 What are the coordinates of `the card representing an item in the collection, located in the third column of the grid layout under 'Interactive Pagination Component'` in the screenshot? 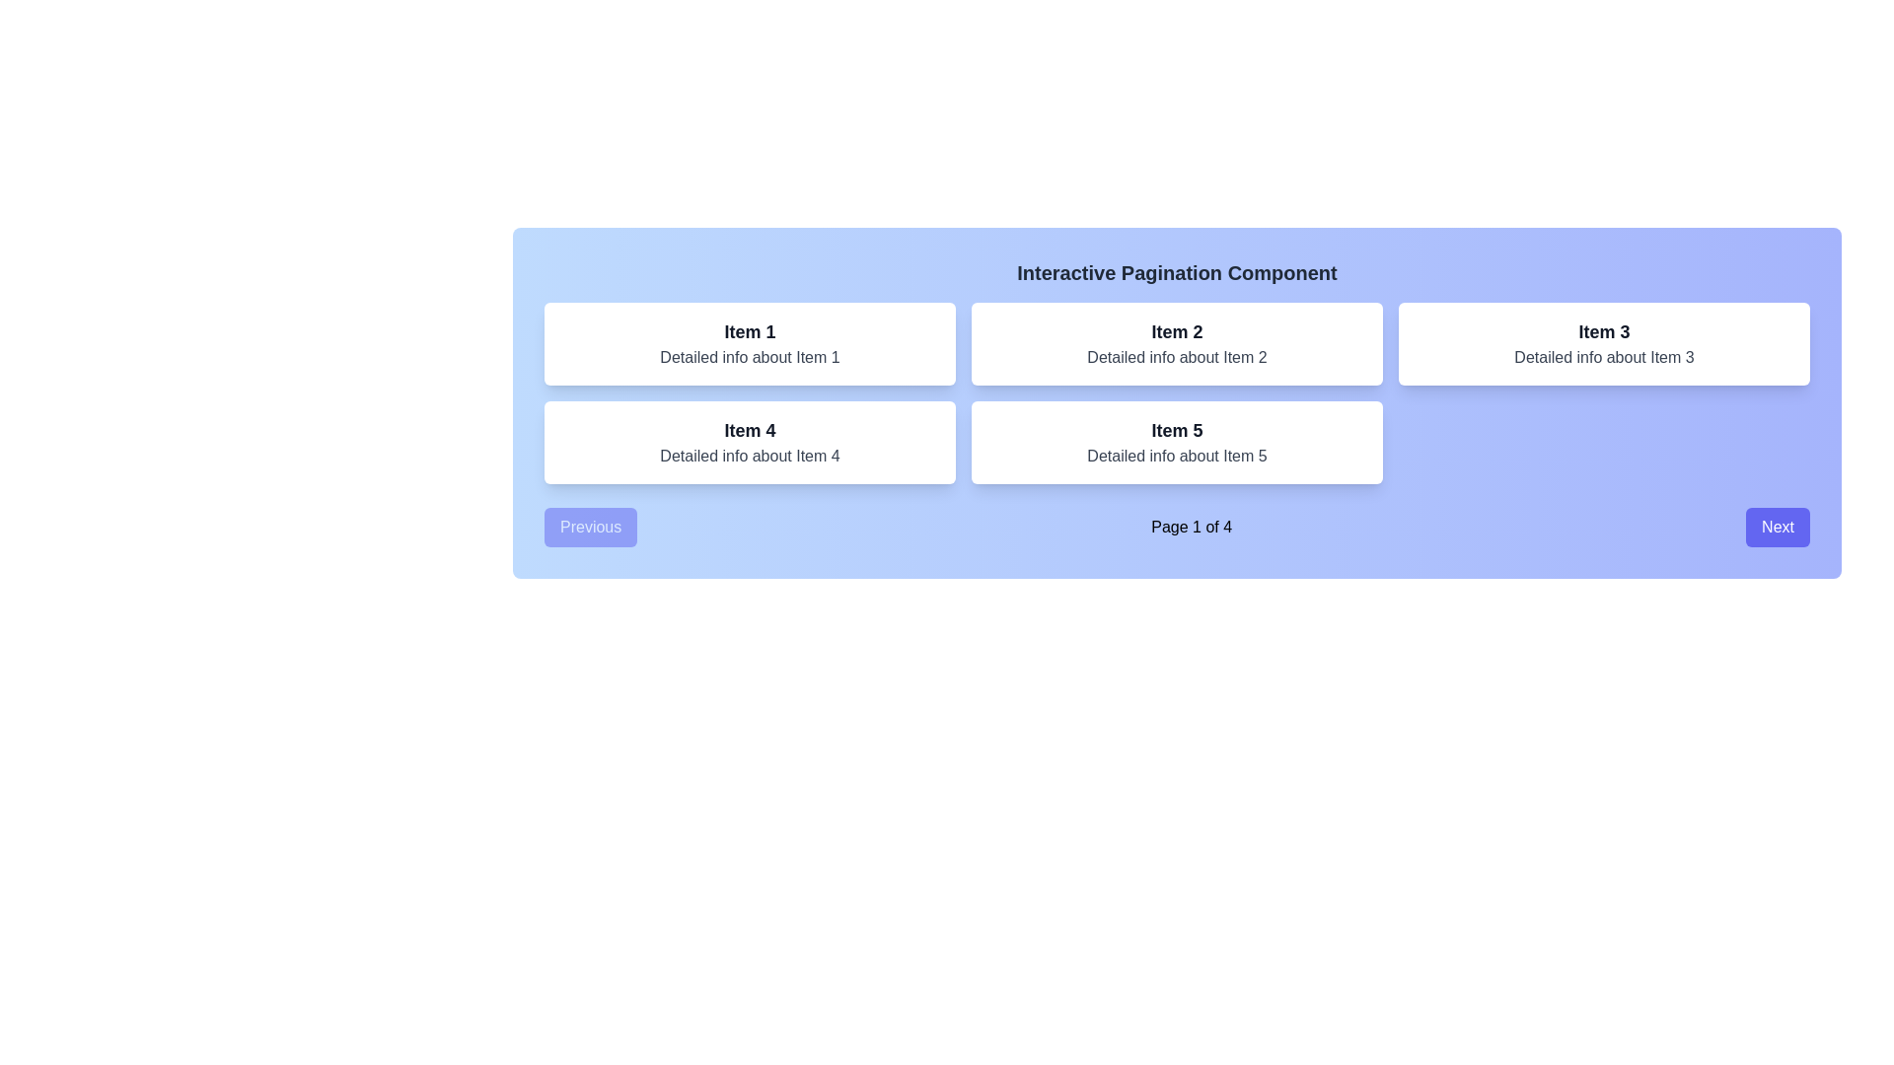 It's located at (1604, 342).